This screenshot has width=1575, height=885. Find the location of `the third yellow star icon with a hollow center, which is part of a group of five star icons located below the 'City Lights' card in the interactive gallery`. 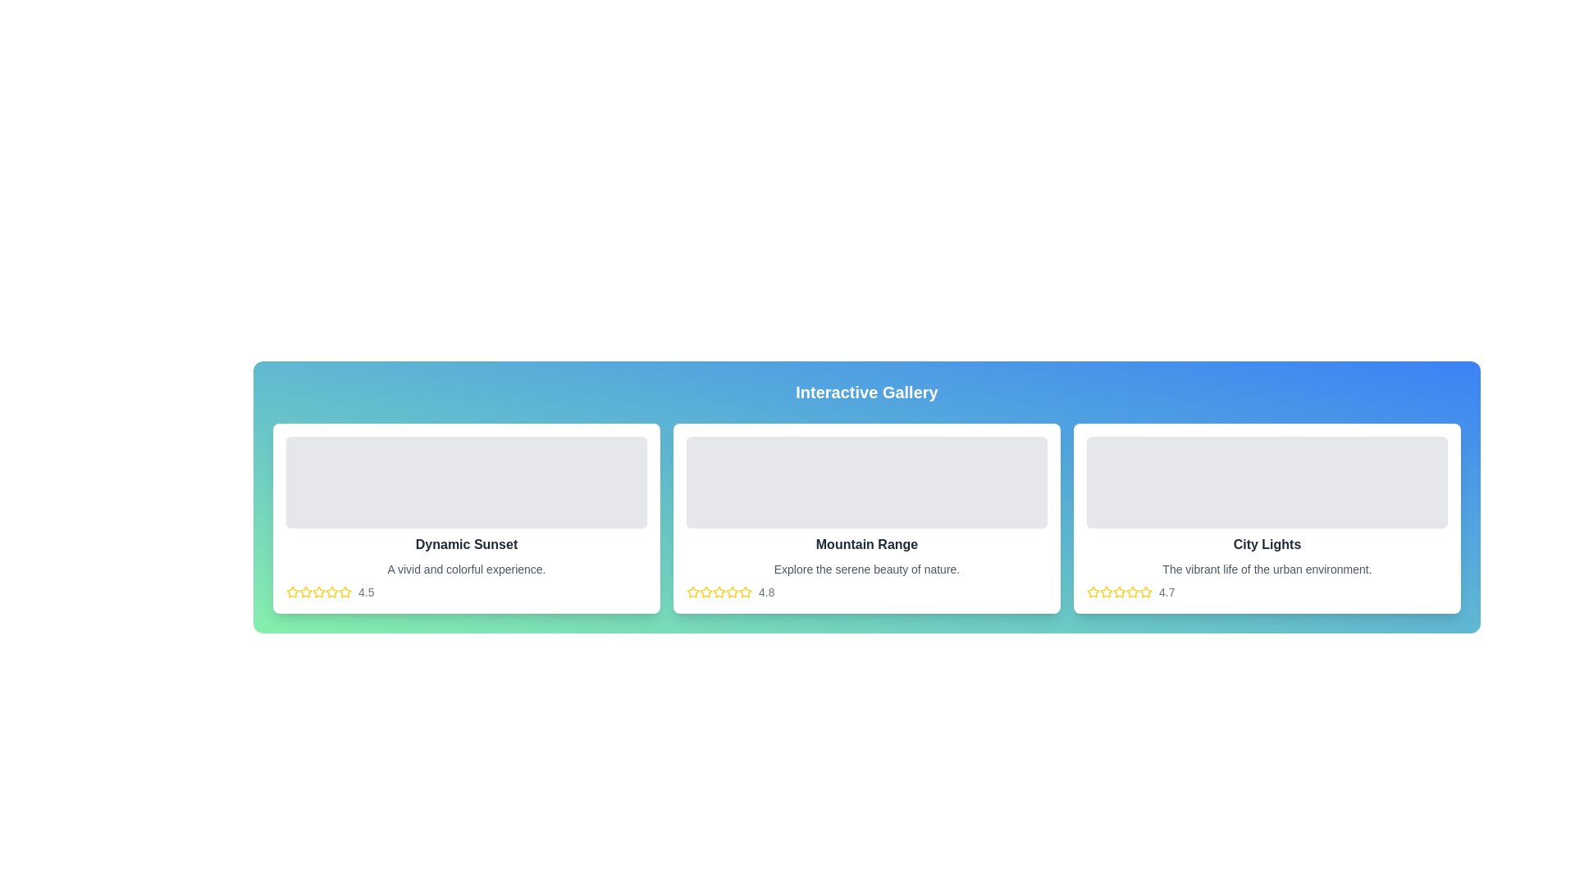

the third yellow star icon with a hollow center, which is part of a group of five star icons located below the 'City Lights' card in the interactive gallery is located at coordinates (1106, 592).